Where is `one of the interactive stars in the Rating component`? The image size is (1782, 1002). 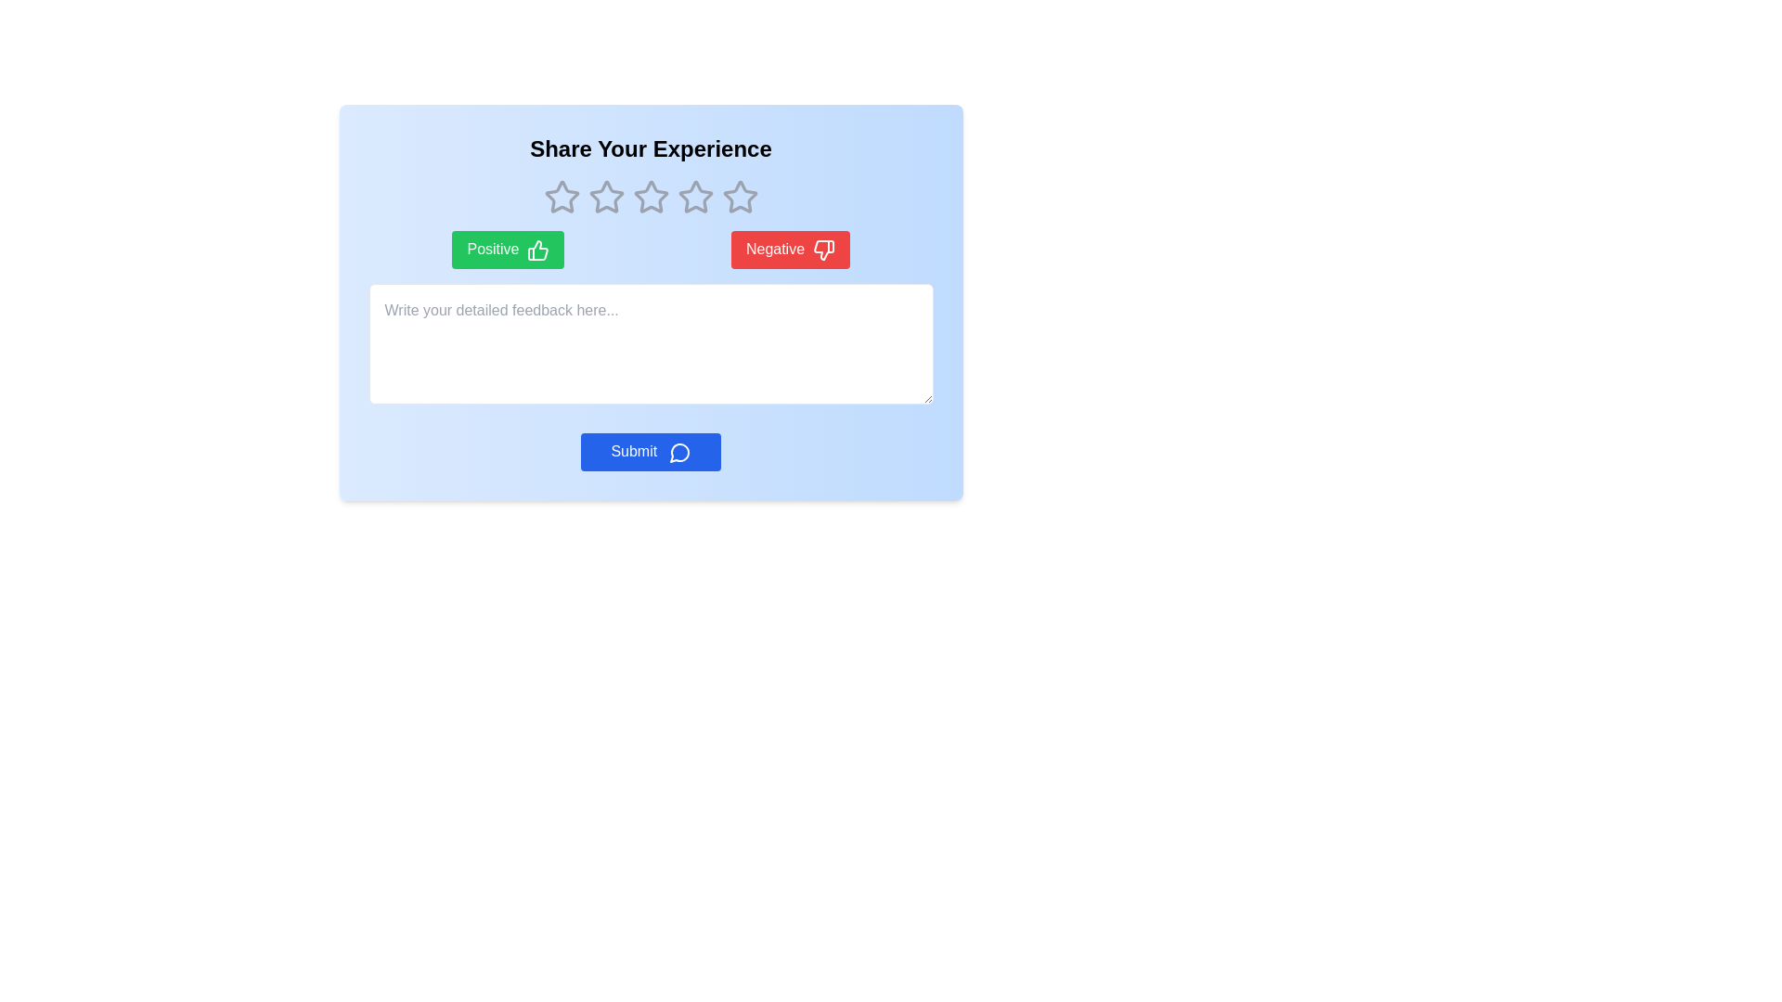
one of the interactive stars in the Rating component is located at coordinates (651, 197).